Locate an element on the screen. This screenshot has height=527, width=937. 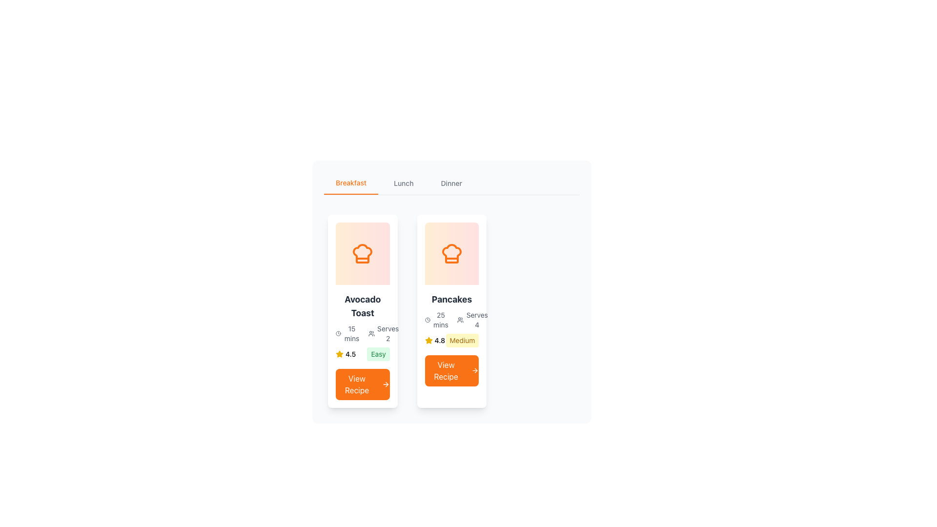
information displayed on the informational text element indicating the number of servings for the 'Pancakes' recipe, located in the second card under the recipe description and to the right of the time required section is located at coordinates (473, 320).